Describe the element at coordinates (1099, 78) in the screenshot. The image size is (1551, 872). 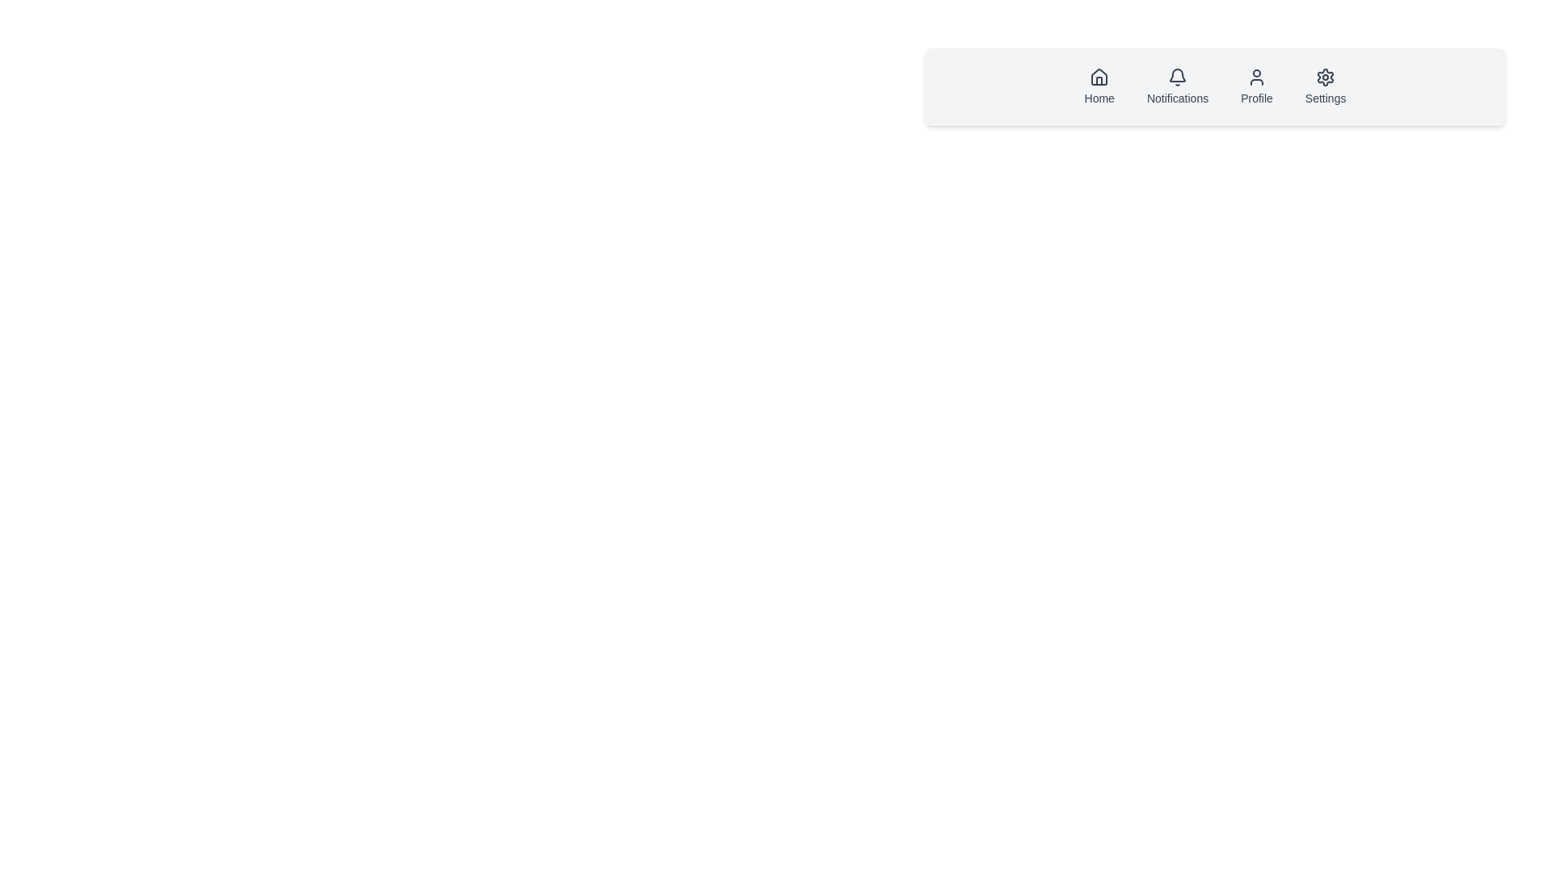
I see `the house-shaped icon in the navigation menu` at that location.